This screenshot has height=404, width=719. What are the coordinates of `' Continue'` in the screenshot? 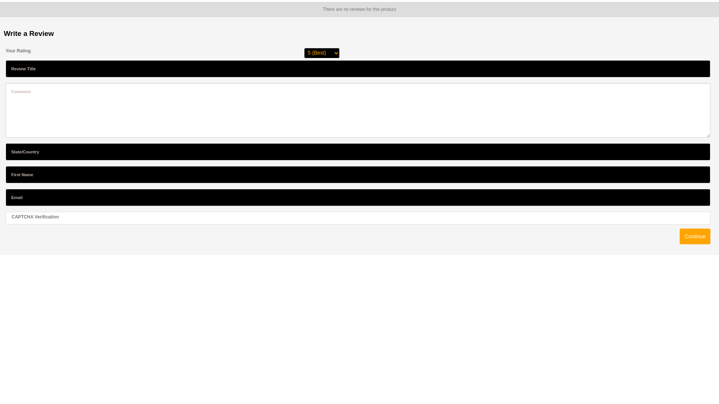 It's located at (695, 236).